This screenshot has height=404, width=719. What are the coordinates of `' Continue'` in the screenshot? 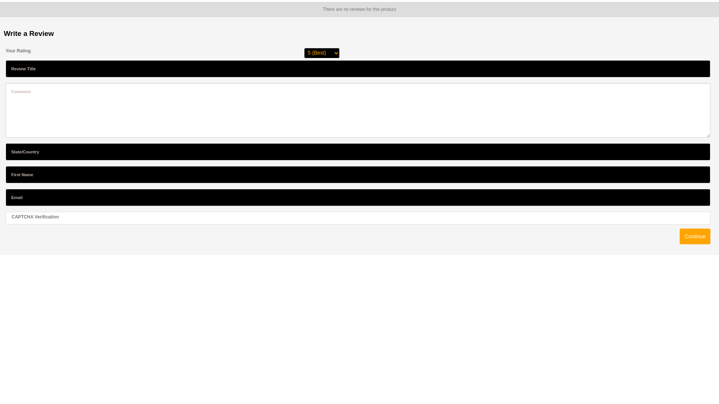 It's located at (695, 236).